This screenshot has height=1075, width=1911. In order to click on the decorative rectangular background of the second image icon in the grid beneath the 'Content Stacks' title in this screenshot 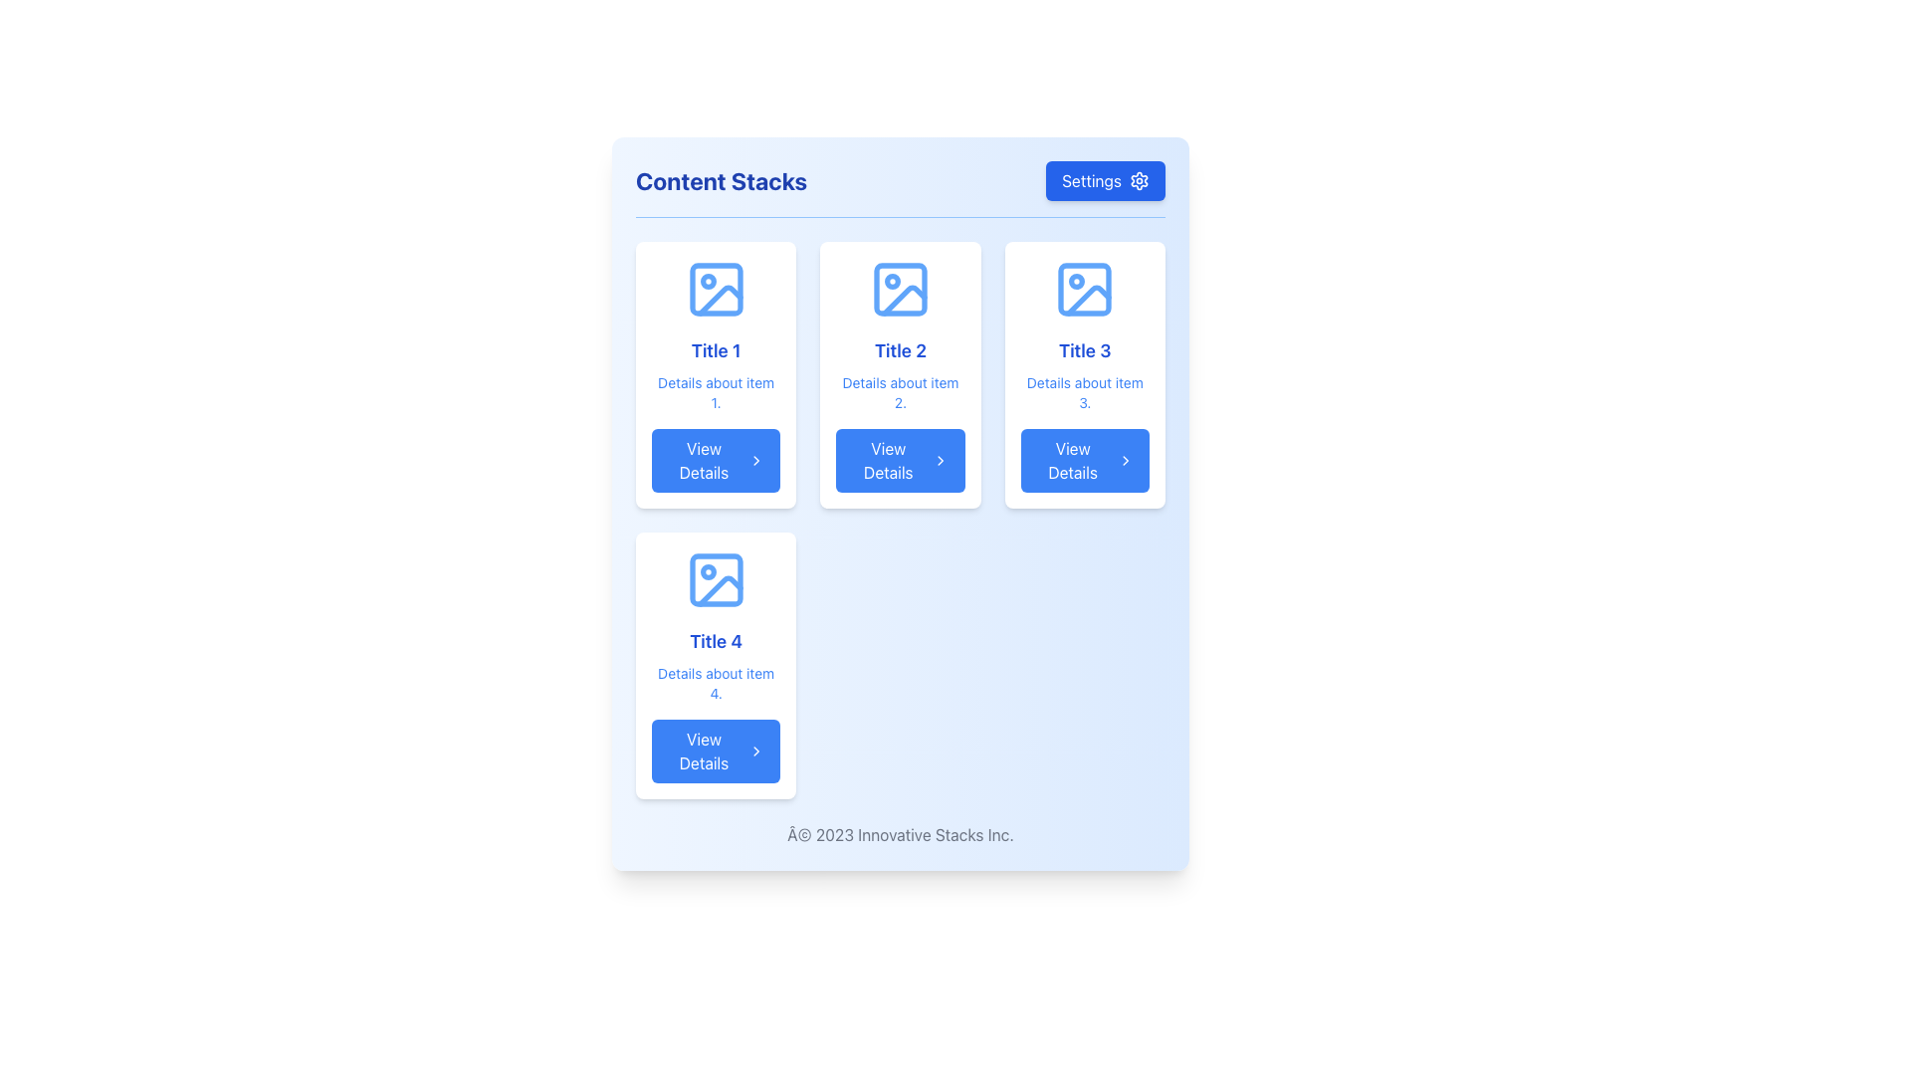, I will do `click(899, 289)`.